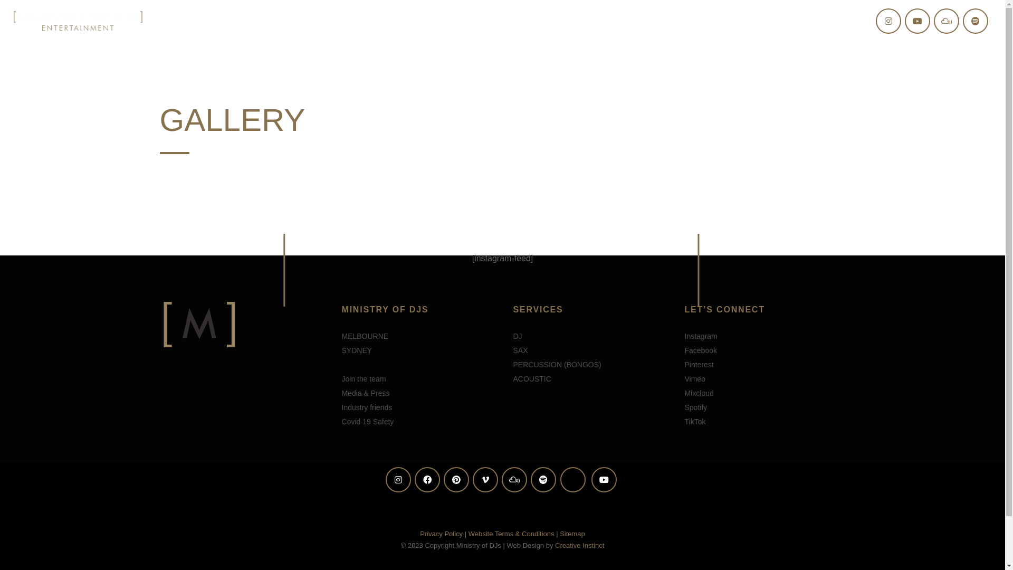 This screenshot has width=1013, height=570. I want to click on 'DJ', so click(517, 336).